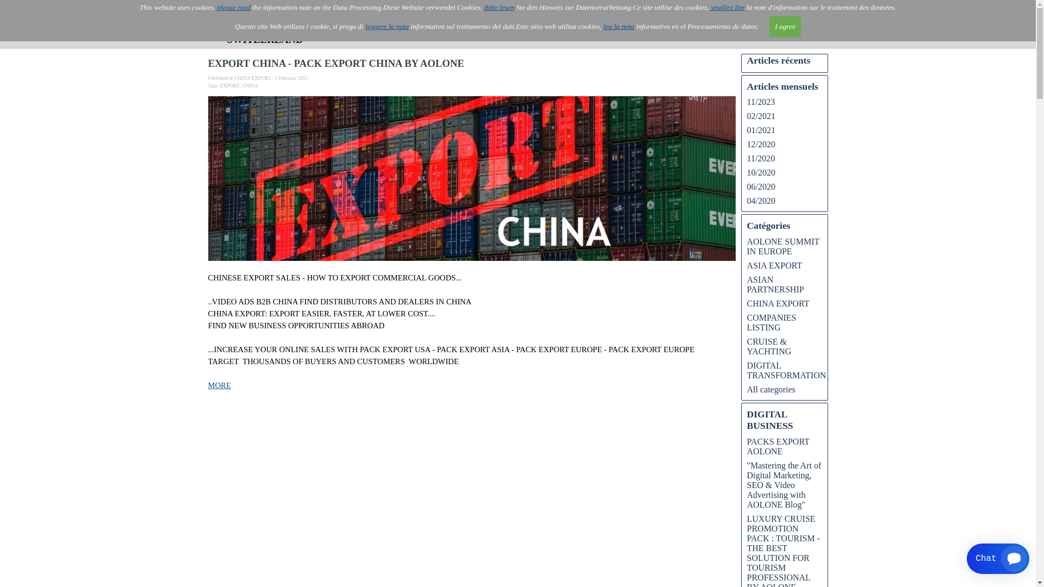 The image size is (1044, 587). What do you see at coordinates (771, 322) in the screenshot?
I see `'COMPANIES LISTING'` at bounding box center [771, 322].